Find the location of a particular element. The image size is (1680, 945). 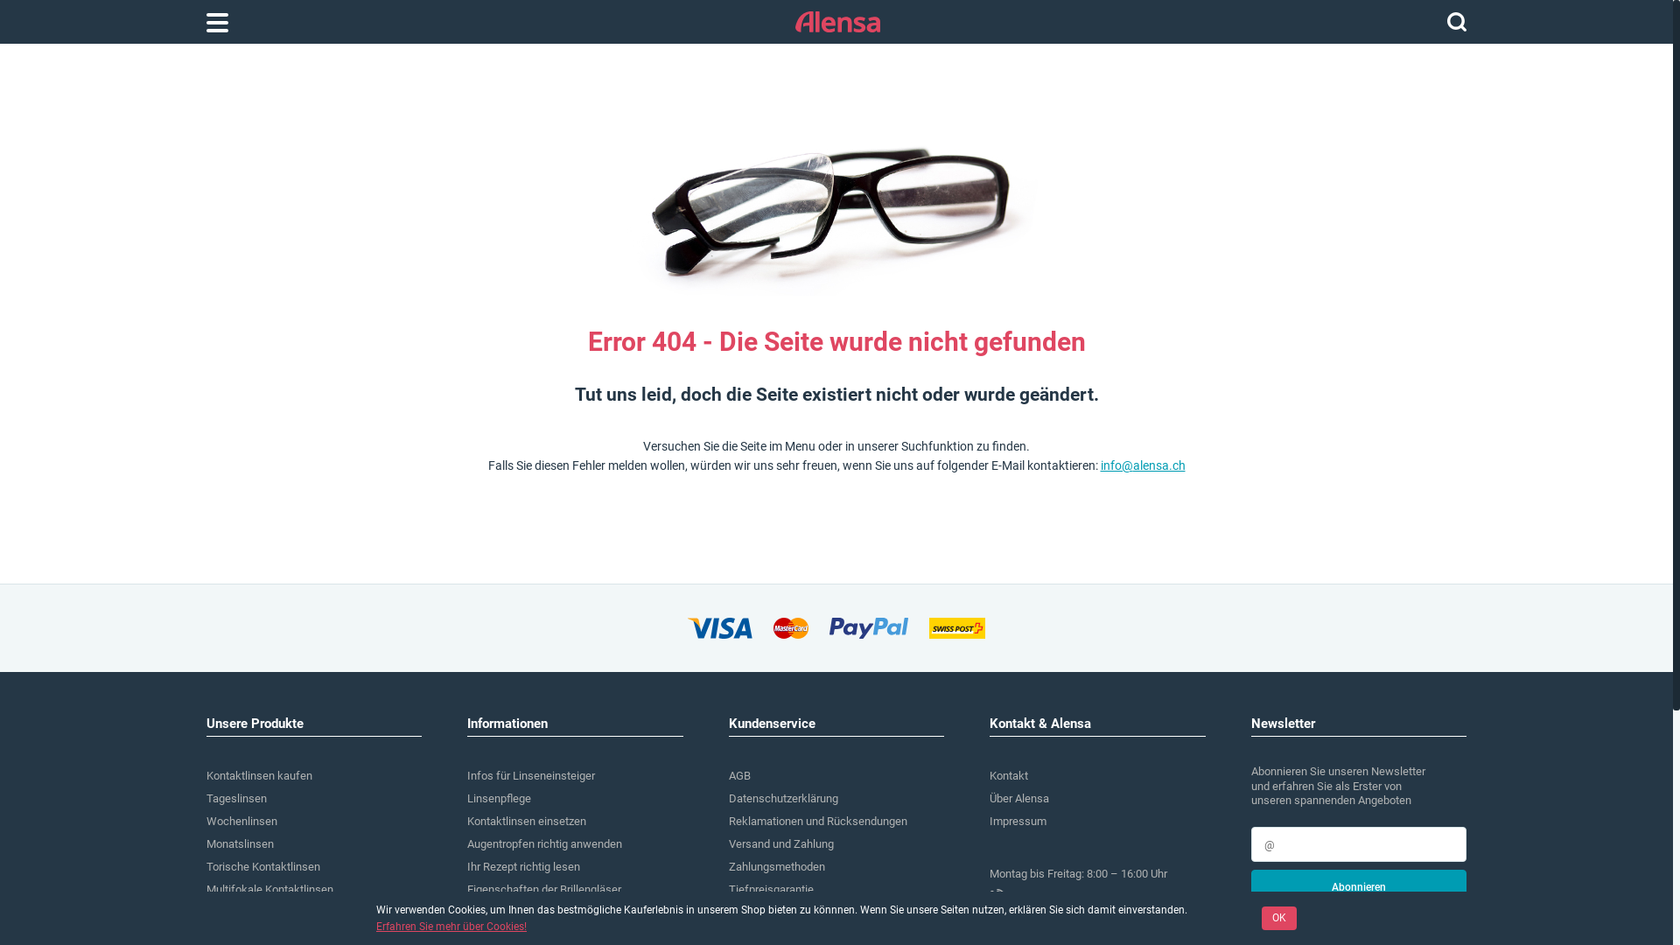

'Kontaktlinsen kaufen' is located at coordinates (258, 774).